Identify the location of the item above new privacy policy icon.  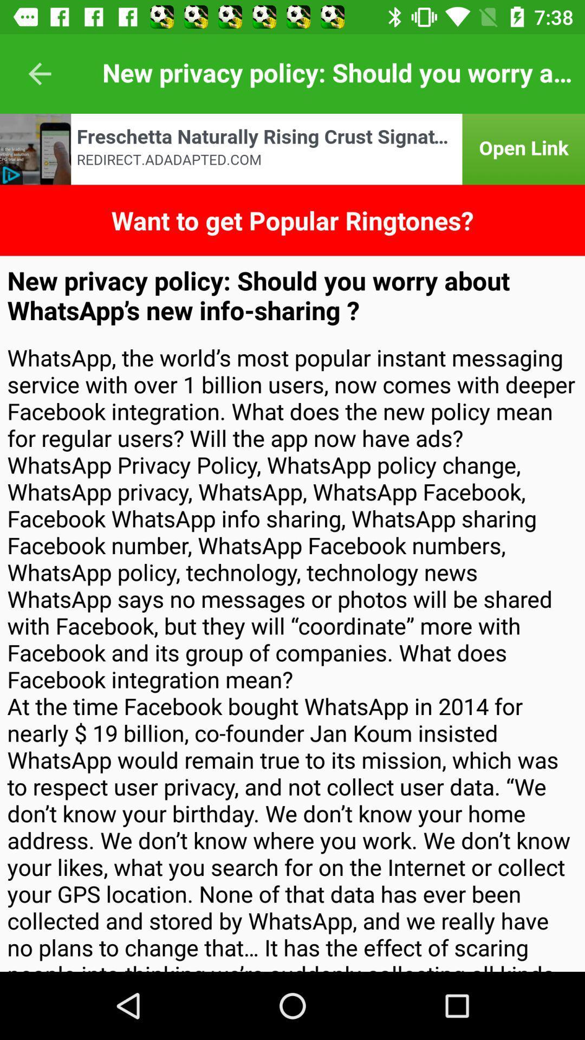
(292, 219).